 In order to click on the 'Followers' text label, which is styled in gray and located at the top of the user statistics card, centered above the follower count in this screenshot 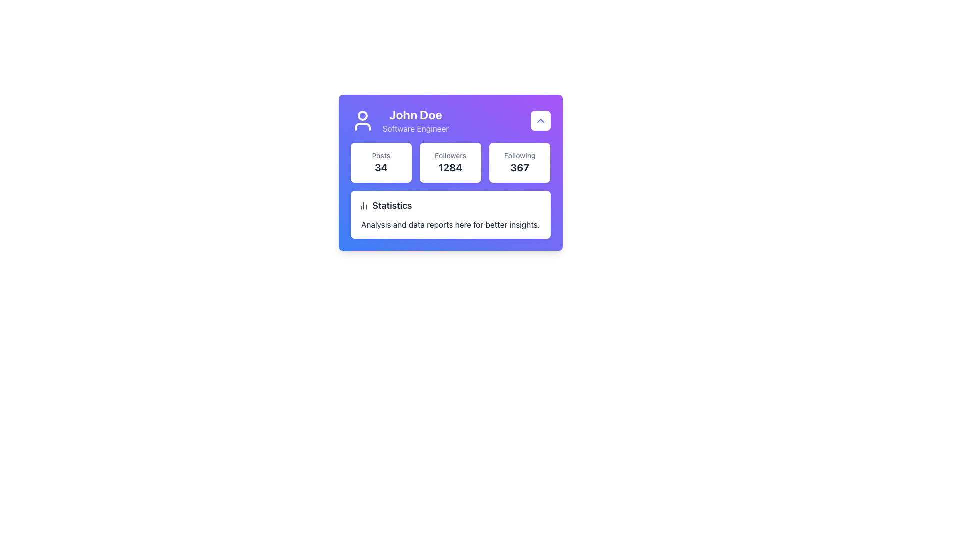, I will do `click(450, 156)`.